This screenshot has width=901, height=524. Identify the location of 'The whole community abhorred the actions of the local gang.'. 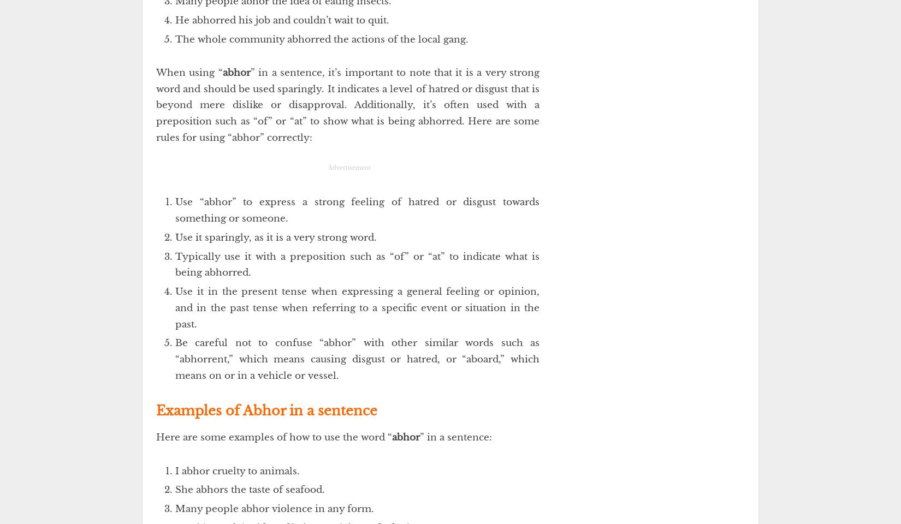
(321, 39).